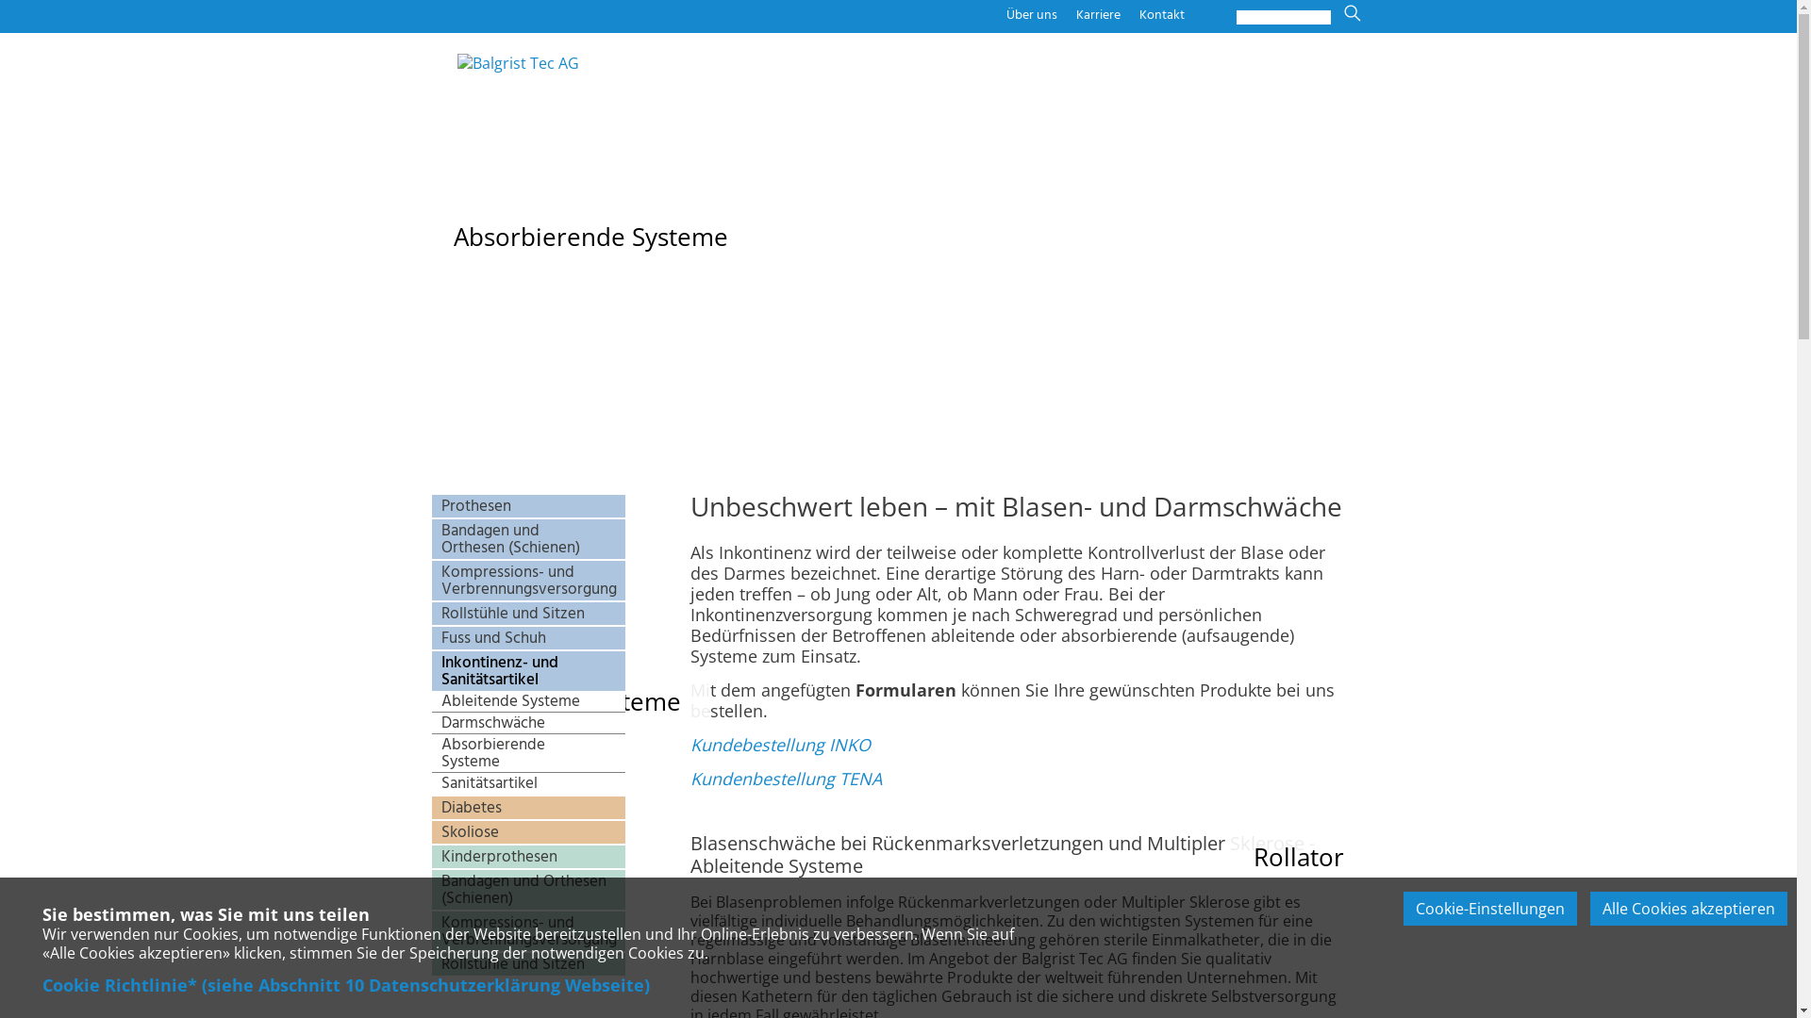  I want to click on 'Bandagen und, so click(528, 538).